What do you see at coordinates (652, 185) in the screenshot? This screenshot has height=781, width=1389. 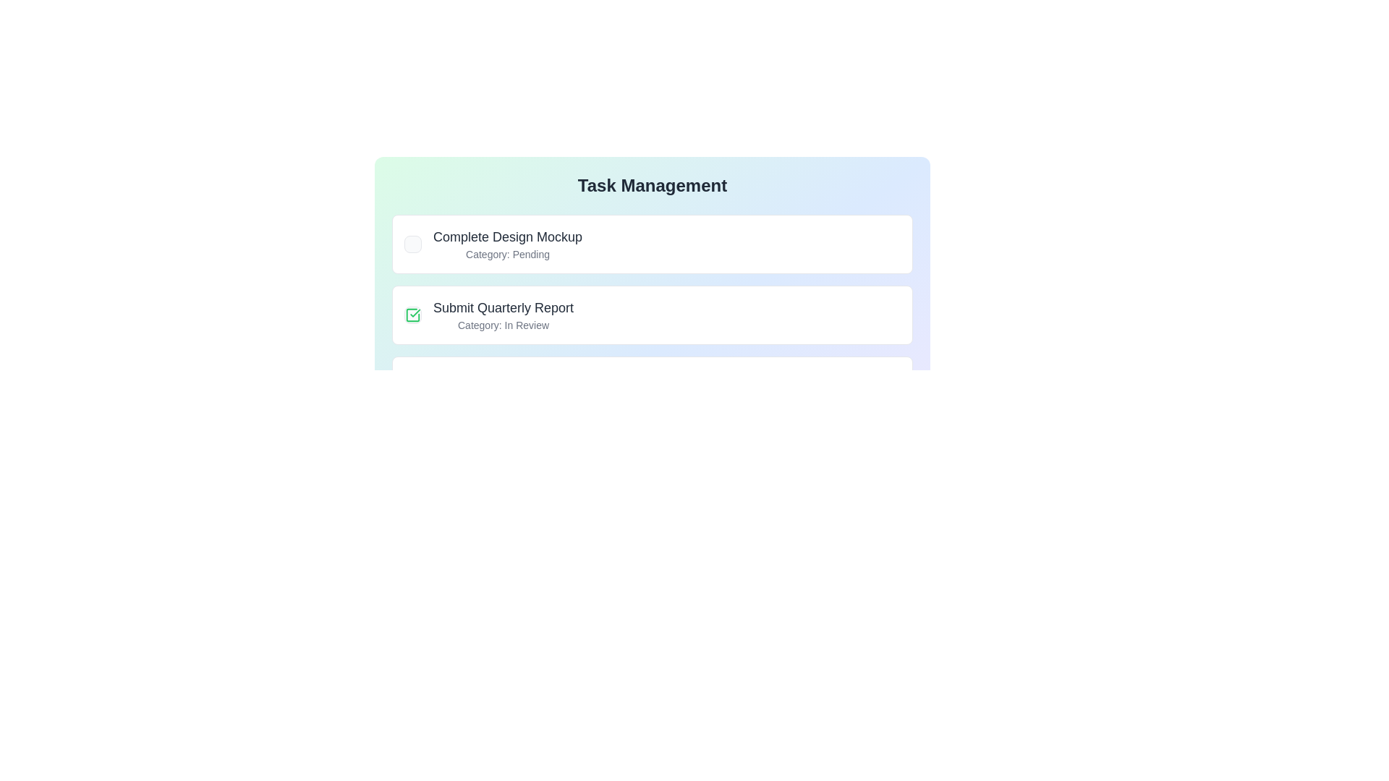 I see `displayed text of the heading 'Task Management' which is styled with a bold and large font size, colored in dark gray, located at the top of its section above a list of tasks` at bounding box center [652, 185].